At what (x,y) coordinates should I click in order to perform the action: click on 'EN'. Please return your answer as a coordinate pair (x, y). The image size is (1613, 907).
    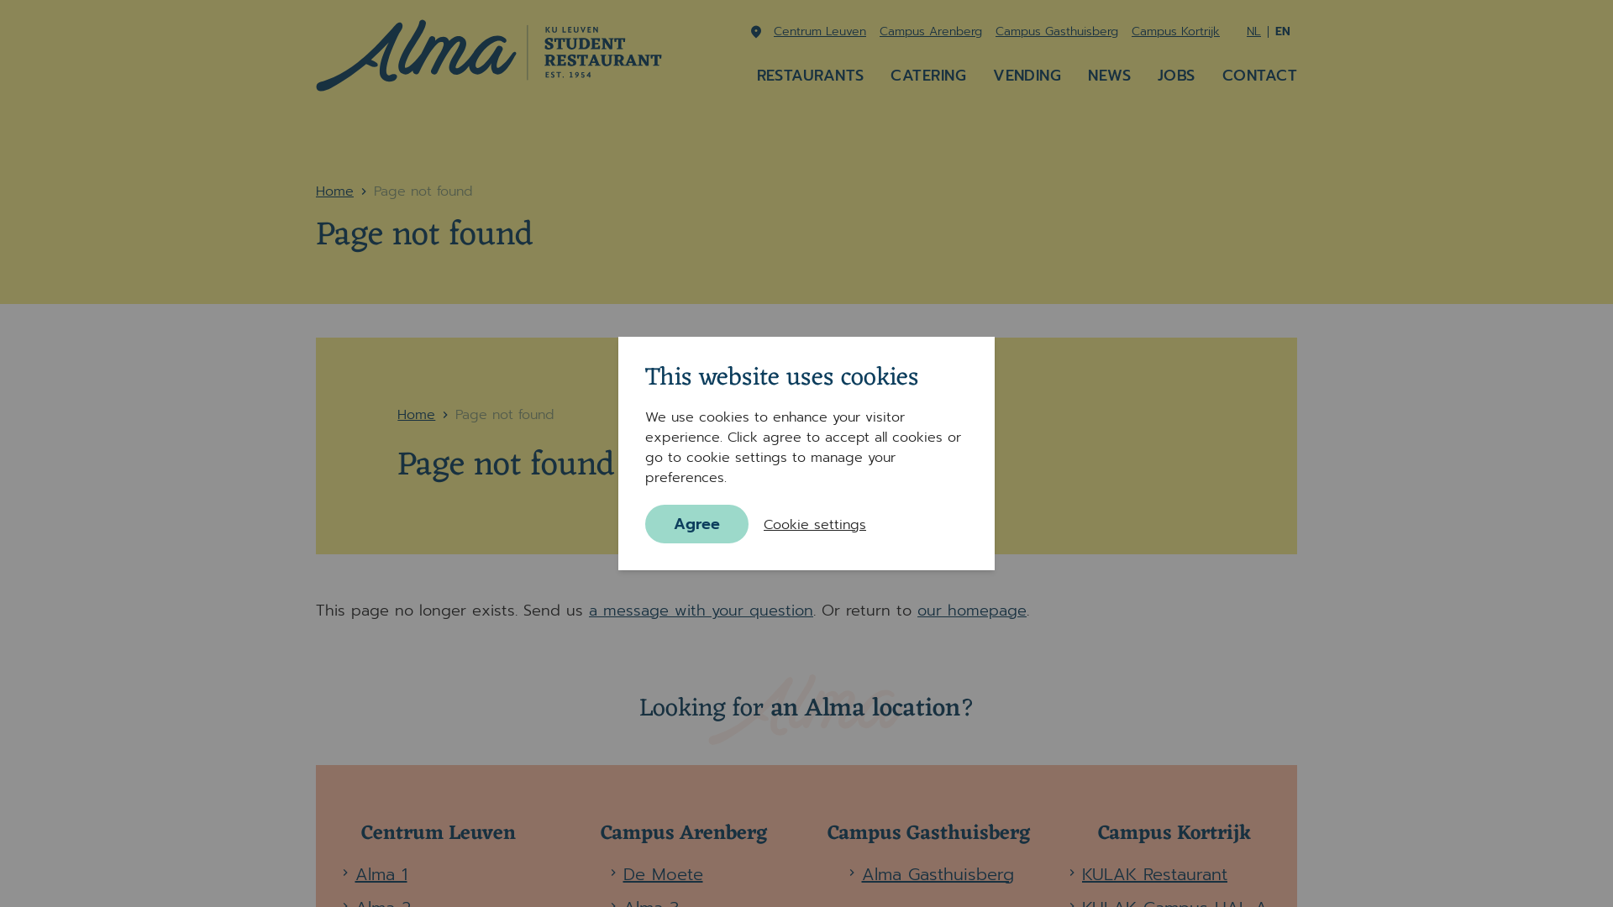
    Looking at the image, I should click on (1274, 31).